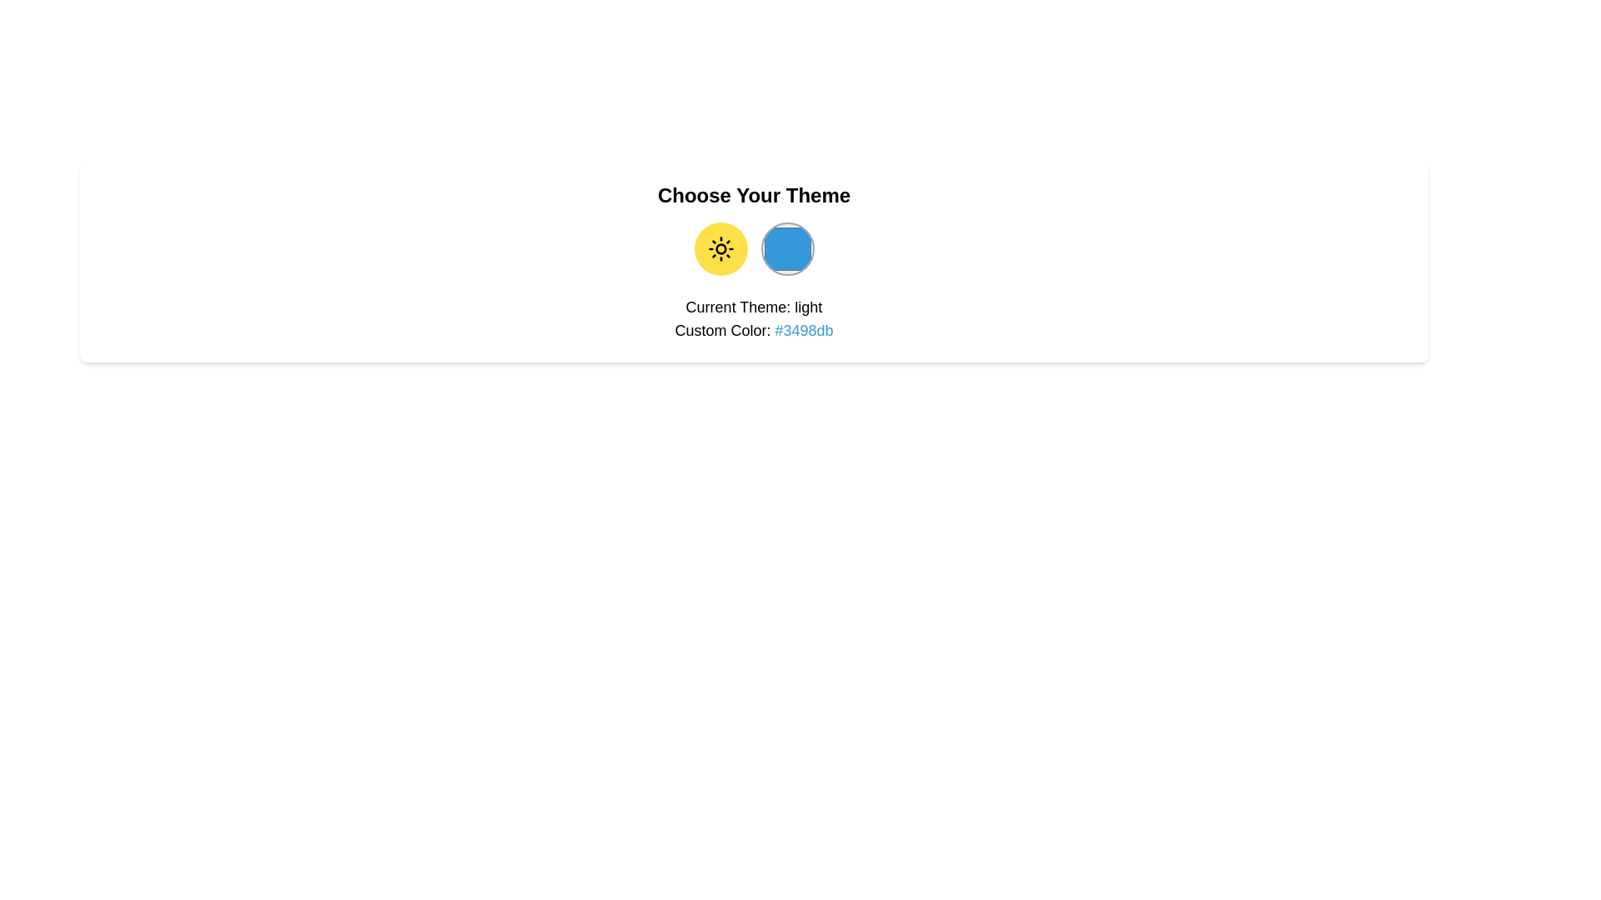 The image size is (1601, 900). What do you see at coordinates (786, 249) in the screenshot?
I see `the color picker to open the color selection dialog` at bounding box center [786, 249].